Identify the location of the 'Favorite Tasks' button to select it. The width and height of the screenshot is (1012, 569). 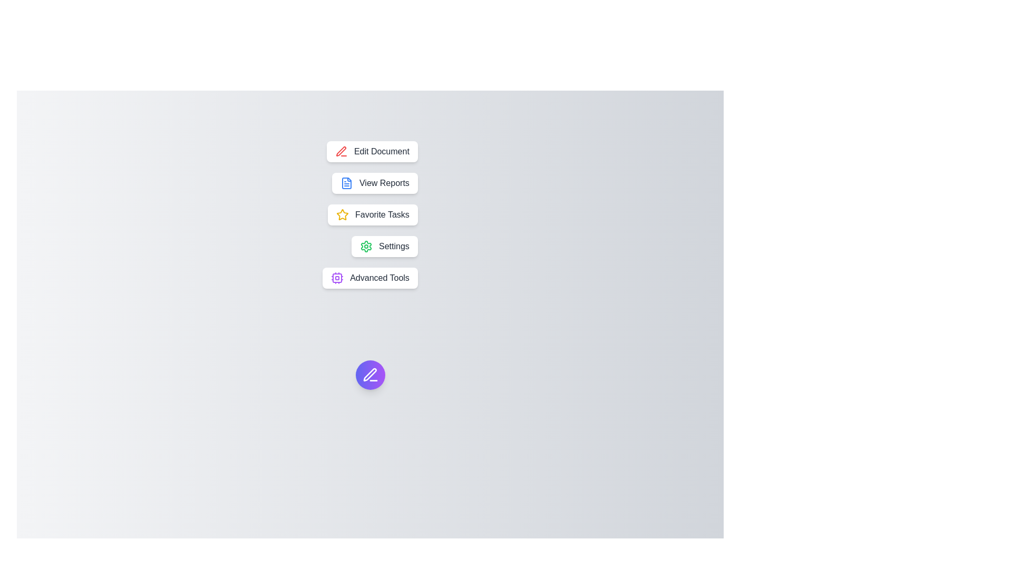
(373, 214).